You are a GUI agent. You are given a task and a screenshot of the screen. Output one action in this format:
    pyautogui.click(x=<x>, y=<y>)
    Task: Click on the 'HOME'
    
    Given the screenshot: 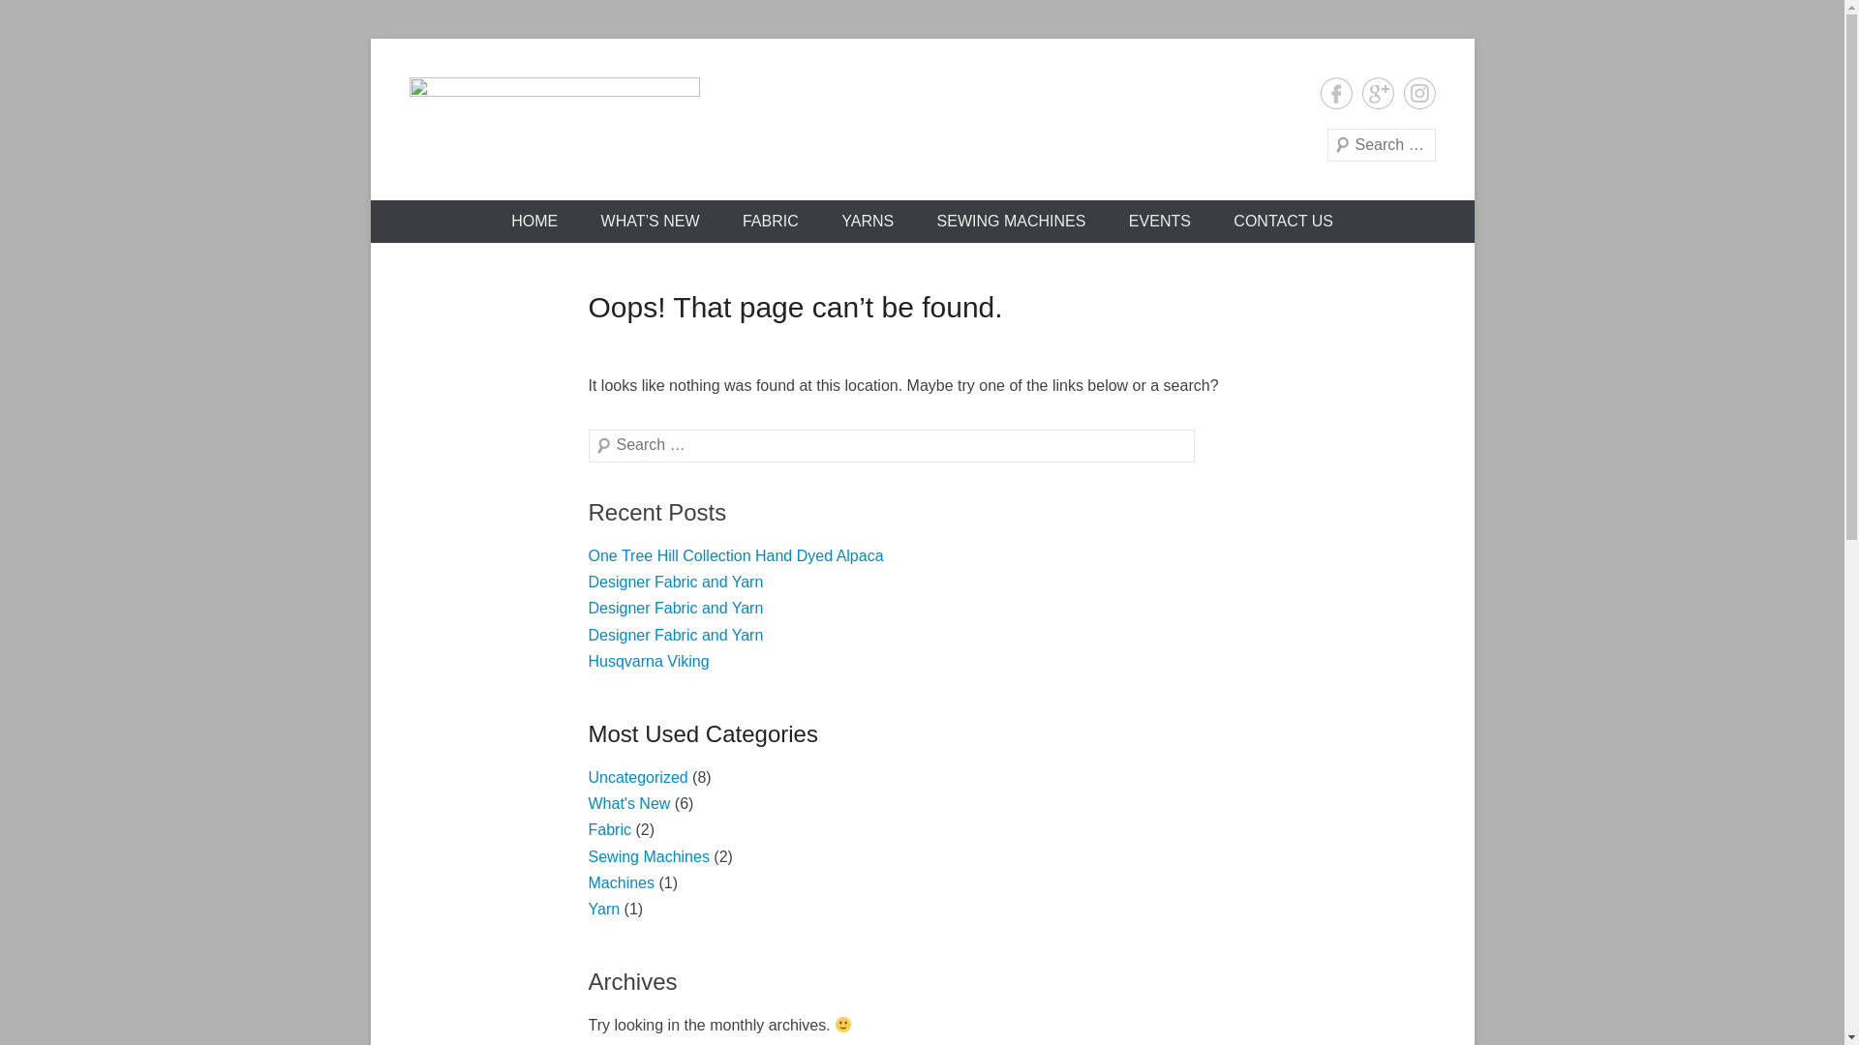 What is the action you would take?
    pyautogui.click(x=534, y=220)
    